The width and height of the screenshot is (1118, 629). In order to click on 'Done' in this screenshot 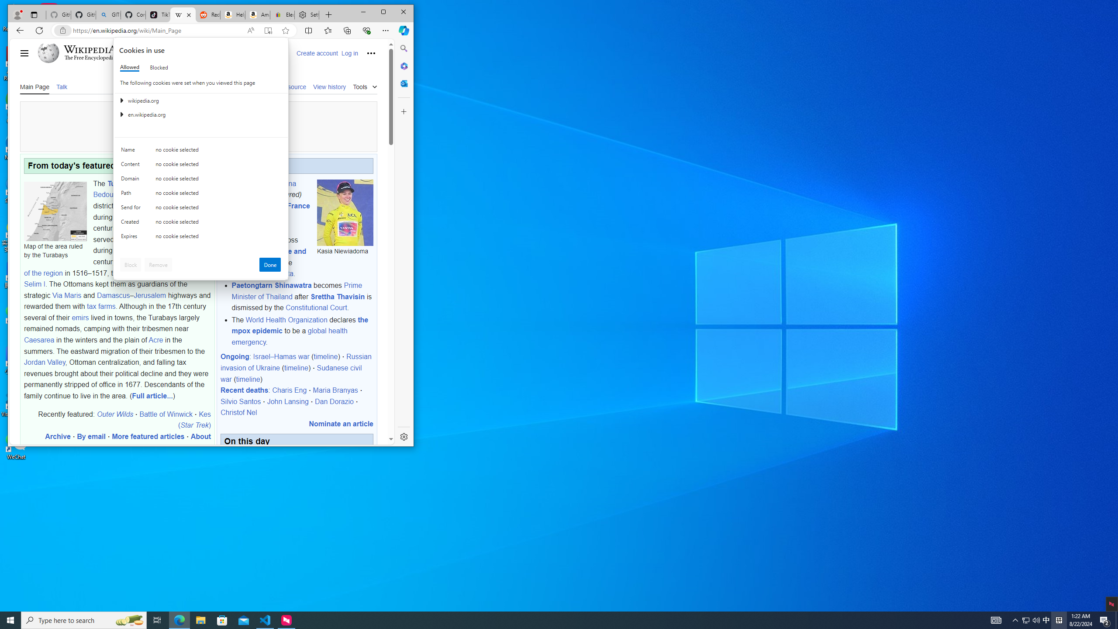, I will do `click(269, 264)`.